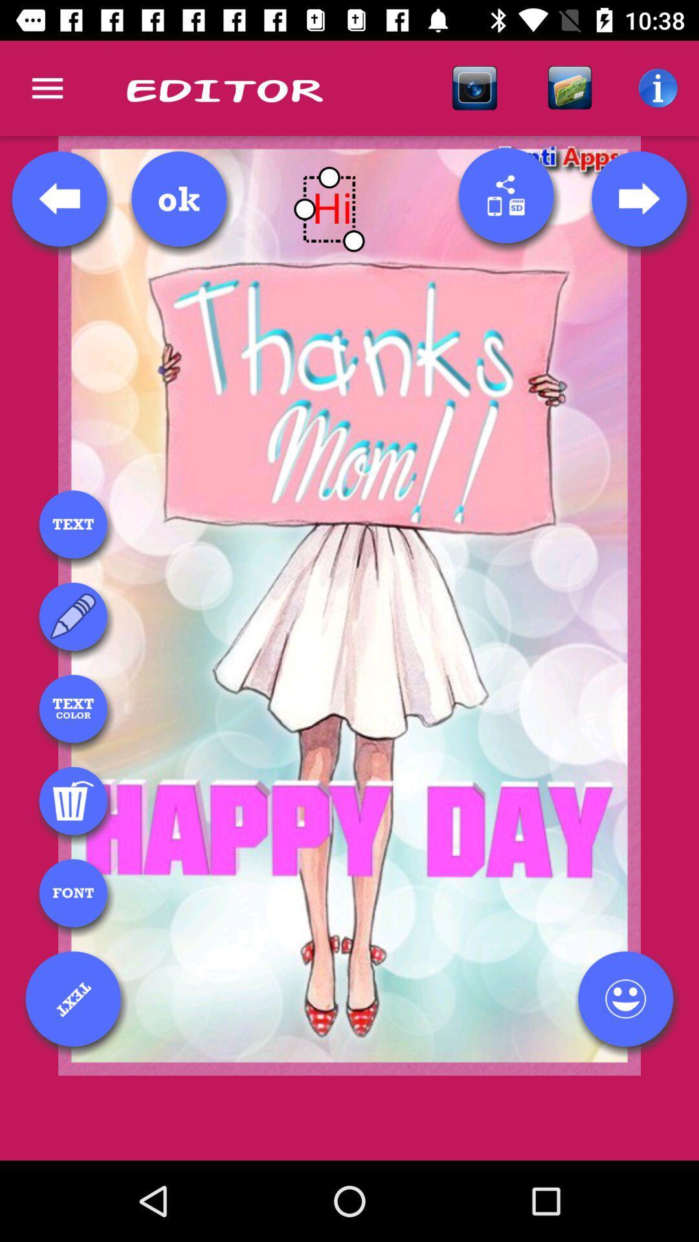 The width and height of the screenshot is (699, 1242). I want to click on the item below the editor icon, so click(179, 198).